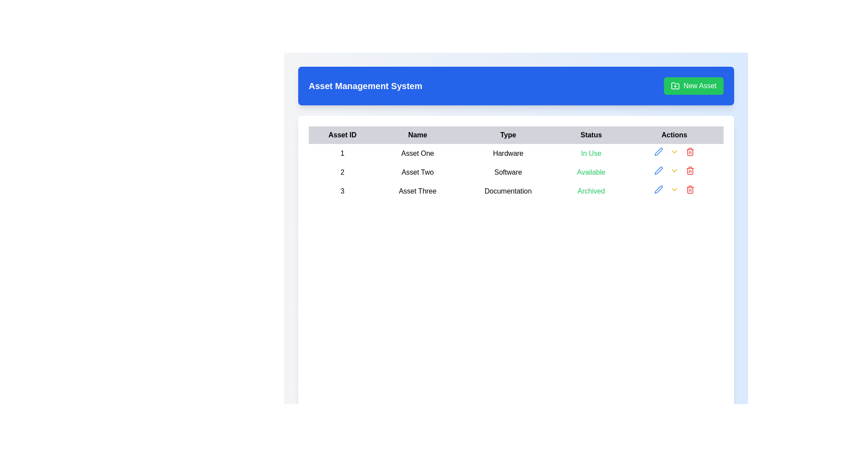 The image size is (842, 474). Describe the element at coordinates (417, 172) in the screenshot. I see `the Text element representing the asset name in the second row of the table under the 'Name' column` at that location.